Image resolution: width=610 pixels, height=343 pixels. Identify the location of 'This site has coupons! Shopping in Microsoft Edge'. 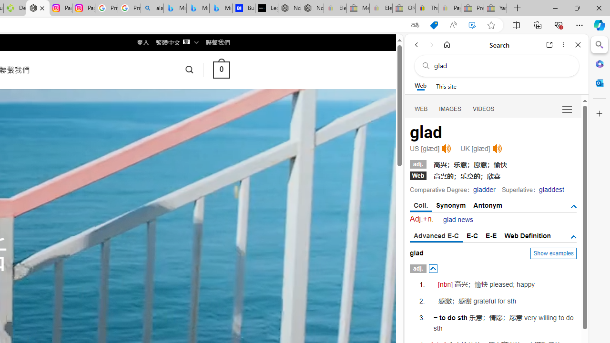
(433, 25).